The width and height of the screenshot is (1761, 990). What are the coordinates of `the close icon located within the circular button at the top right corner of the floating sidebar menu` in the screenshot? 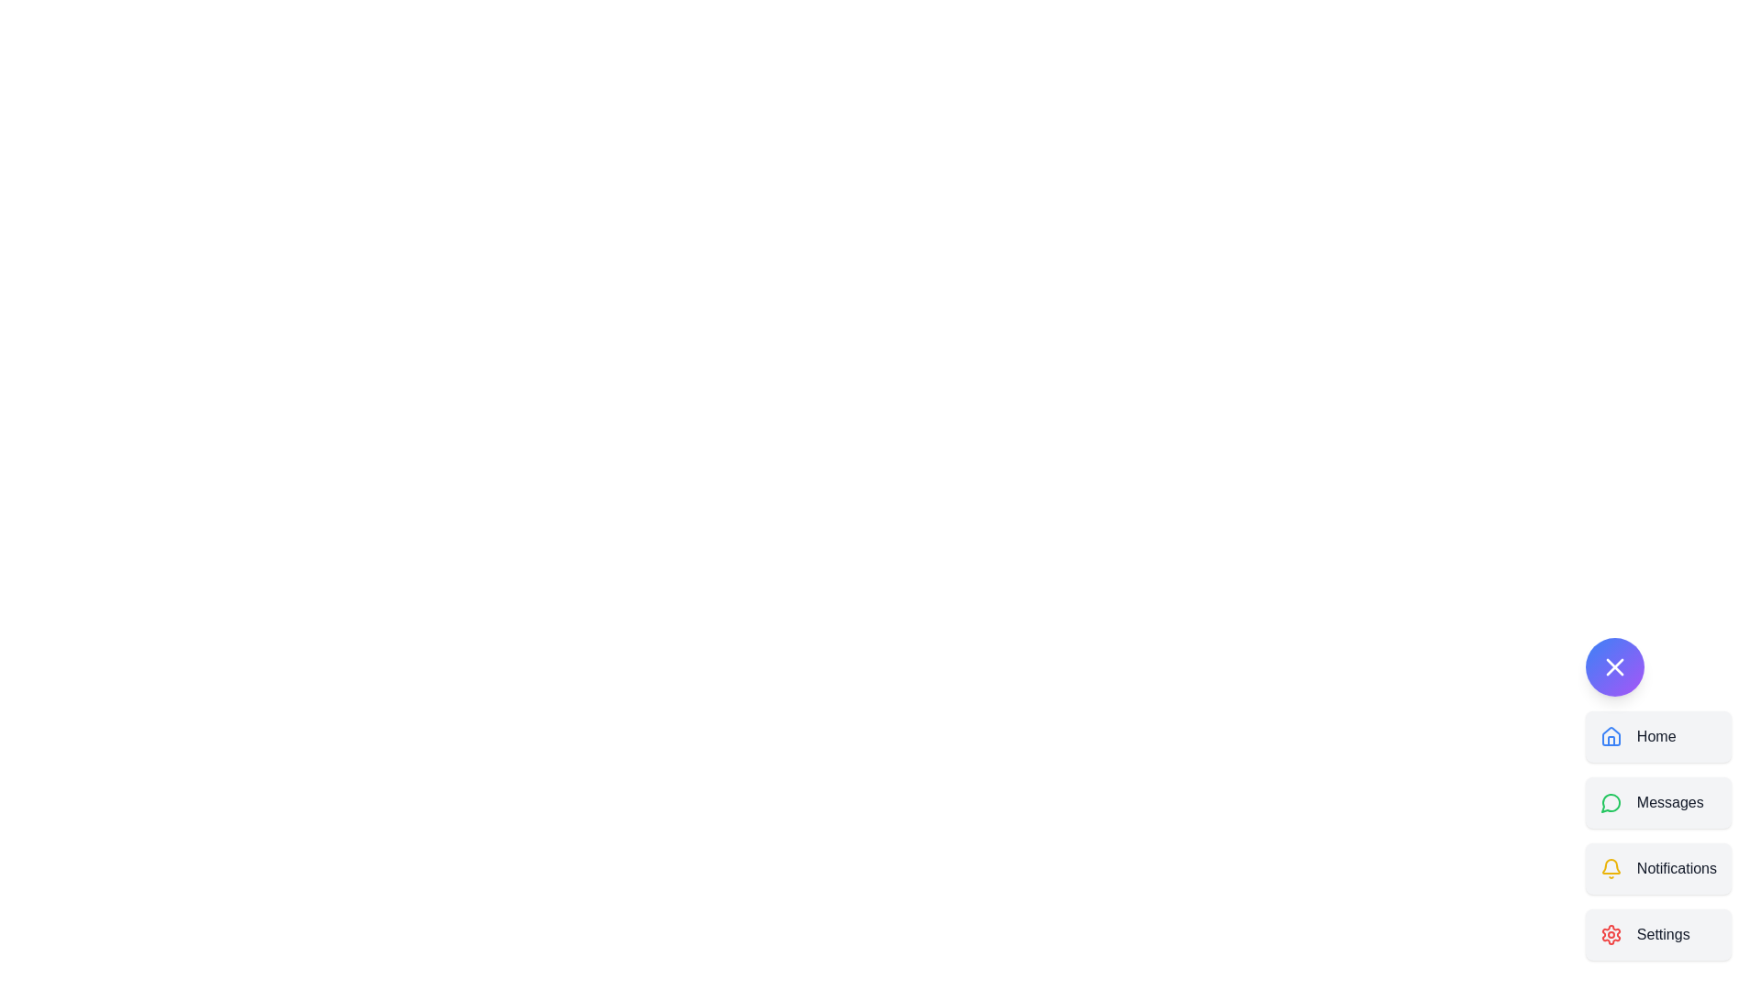 It's located at (1614, 667).